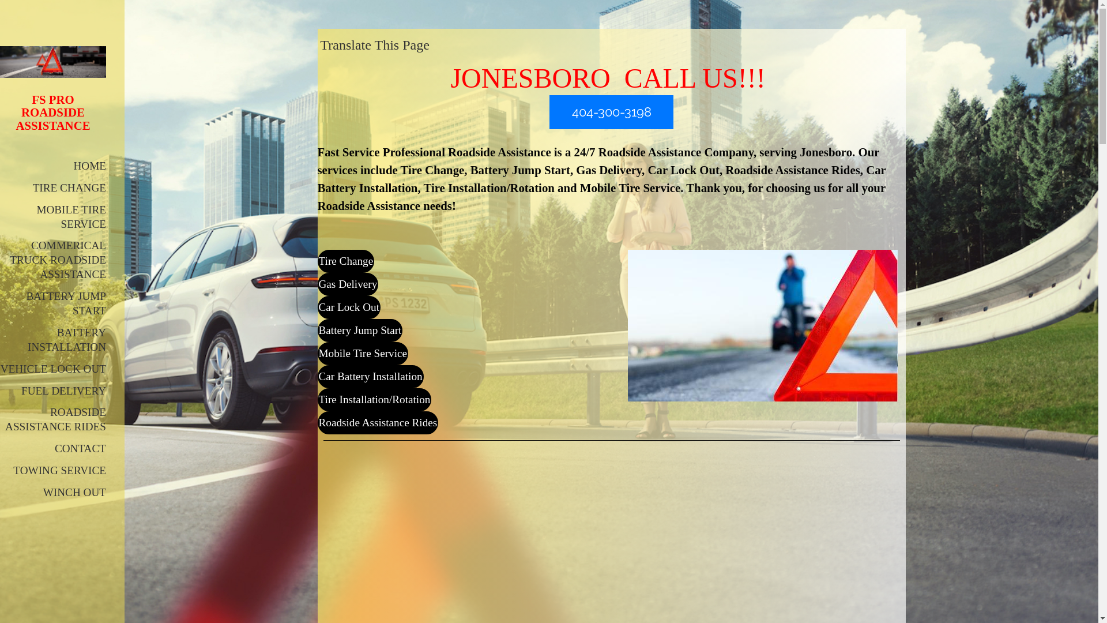  Describe the element at coordinates (345, 261) in the screenshot. I see `'Tire Change'` at that location.